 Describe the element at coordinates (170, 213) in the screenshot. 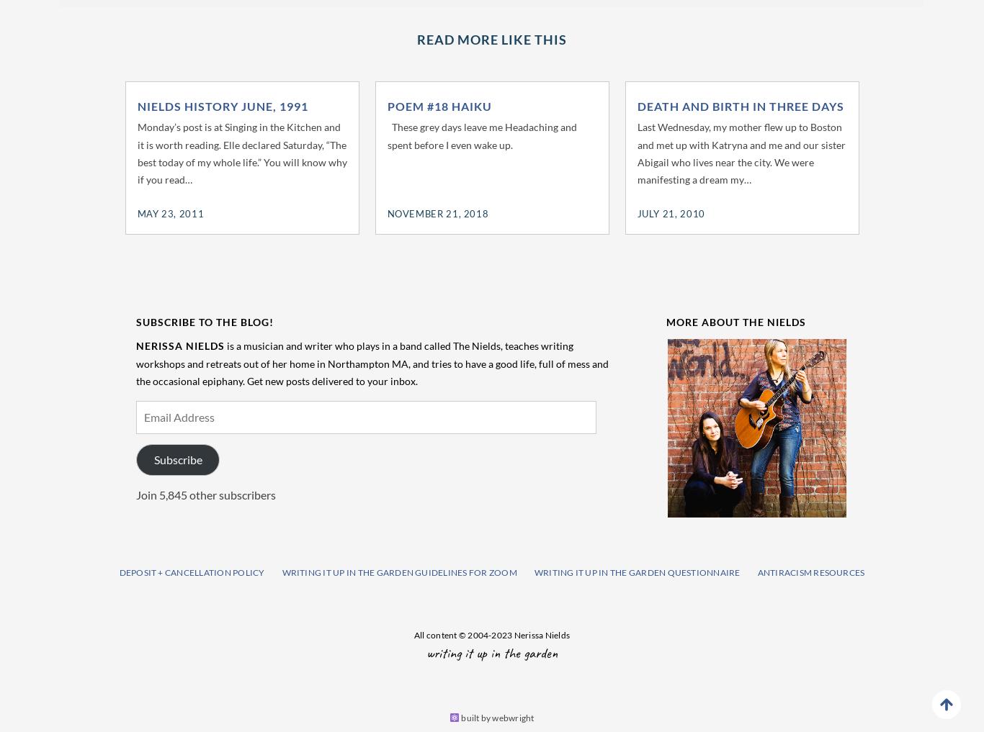

I see `'May 23, 2011'` at that location.